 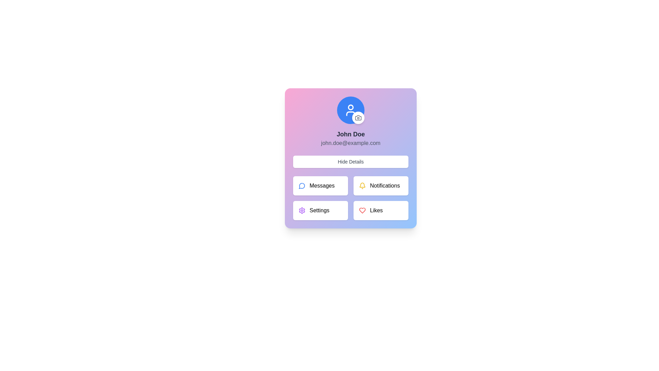 What do you see at coordinates (320, 185) in the screenshot?
I see `the 'Messages' button with a blue chat bubble icon by` at bounding box center [320, 185].